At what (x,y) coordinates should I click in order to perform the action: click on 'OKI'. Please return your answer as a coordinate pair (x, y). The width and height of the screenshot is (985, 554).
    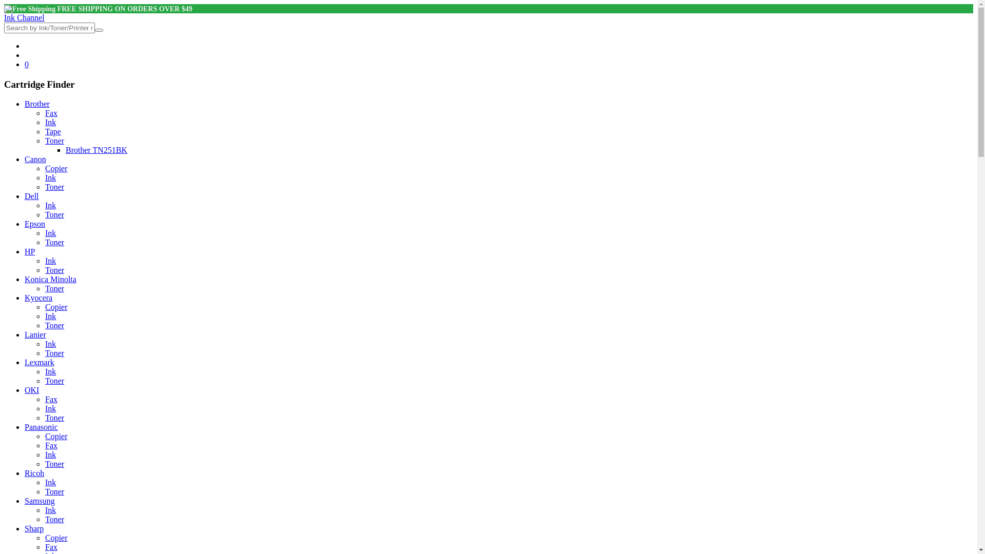
    Looking at the image, I should click on (32, 390).